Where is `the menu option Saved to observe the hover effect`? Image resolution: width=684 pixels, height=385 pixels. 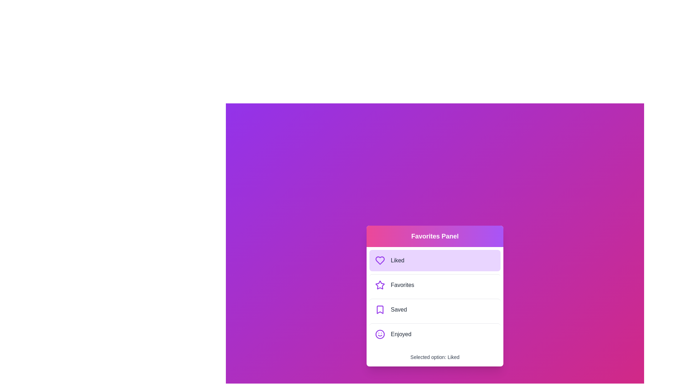
the menu option Saved to observe the hover effect is located at coordinates (434, 309).